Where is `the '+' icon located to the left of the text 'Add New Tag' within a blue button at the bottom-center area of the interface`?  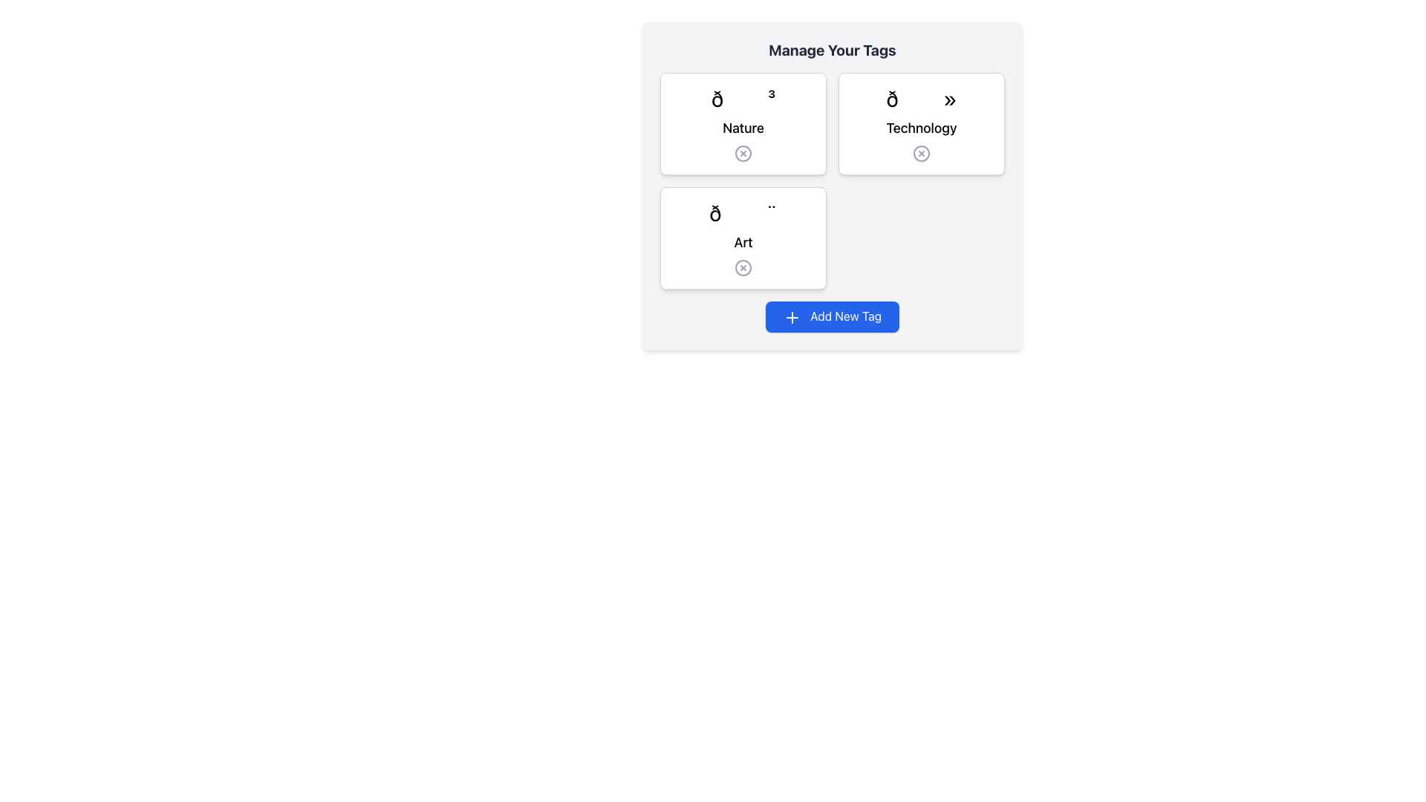 the '+' icon located to the left of the text 'Add New Tag' within a blue button at the bottom-center area of the interface is located at coordinates (791, 316).